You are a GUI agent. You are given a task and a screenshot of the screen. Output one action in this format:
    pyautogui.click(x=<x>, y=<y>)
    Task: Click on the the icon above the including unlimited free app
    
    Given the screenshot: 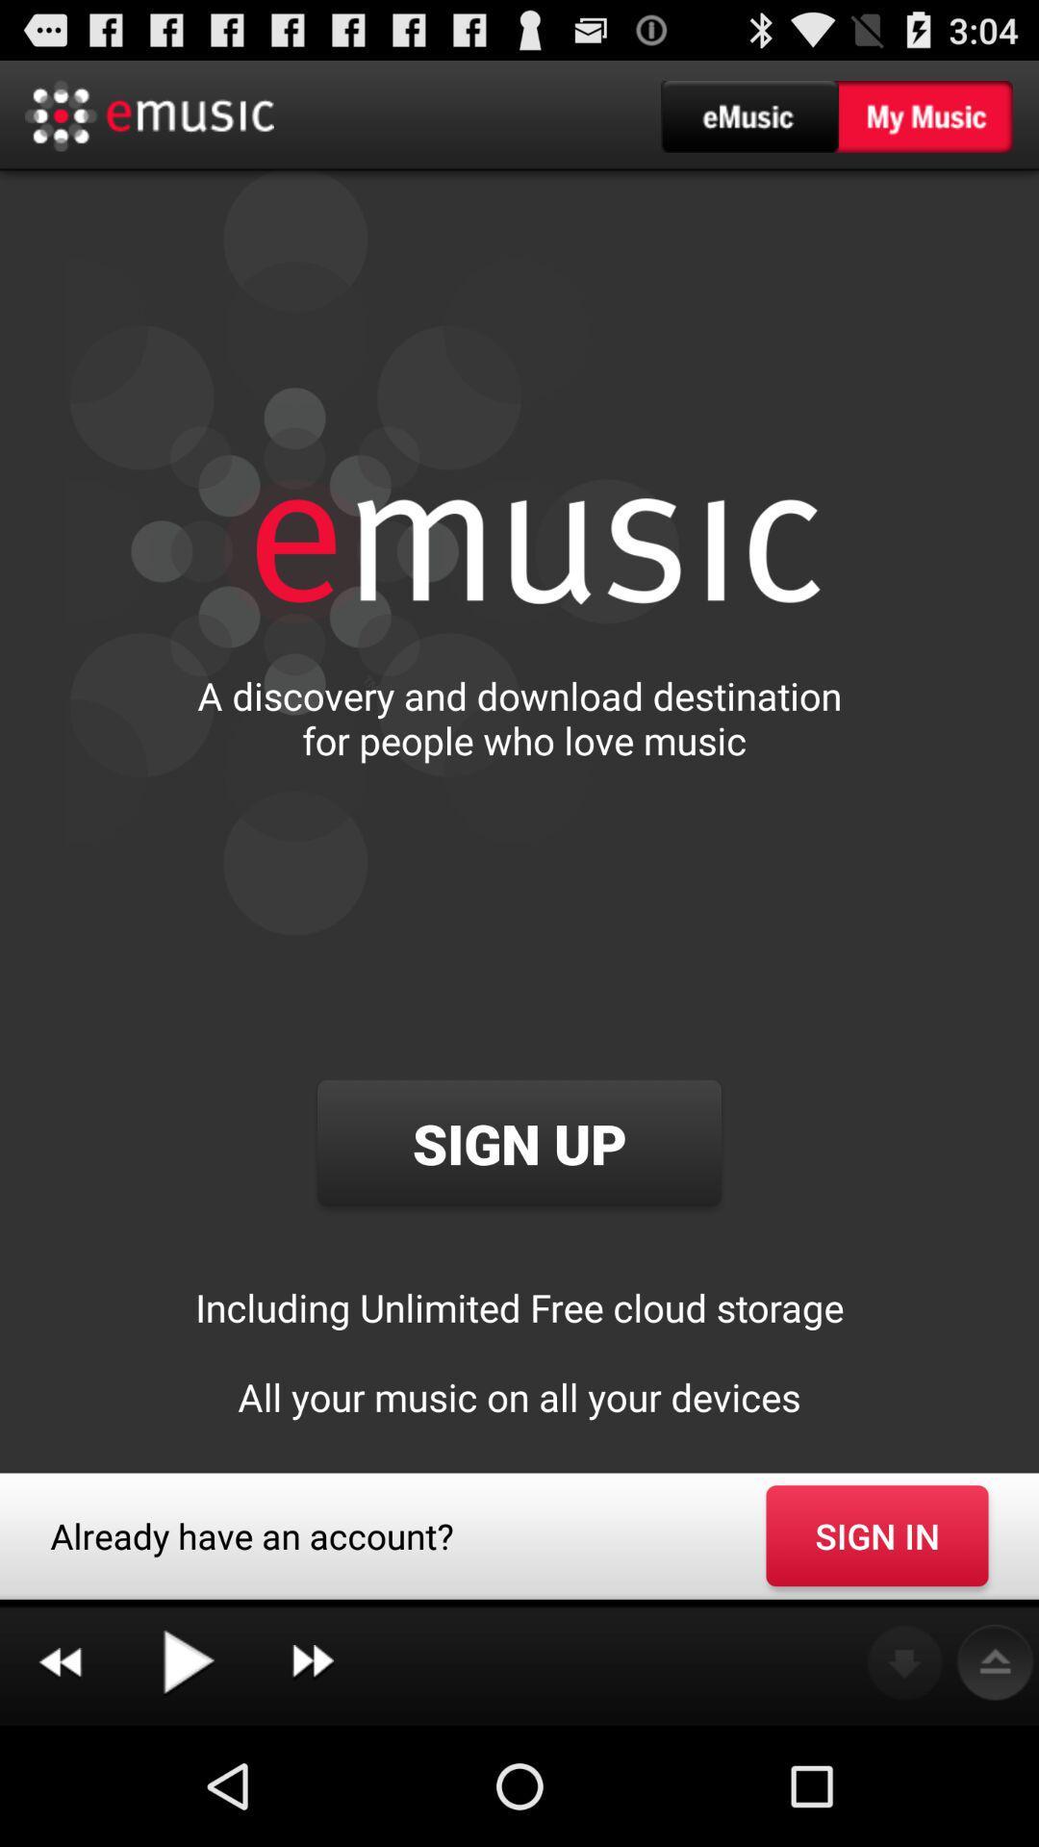 What is the action you would take?
    pyautogui.click(x=519, y=1143)
    